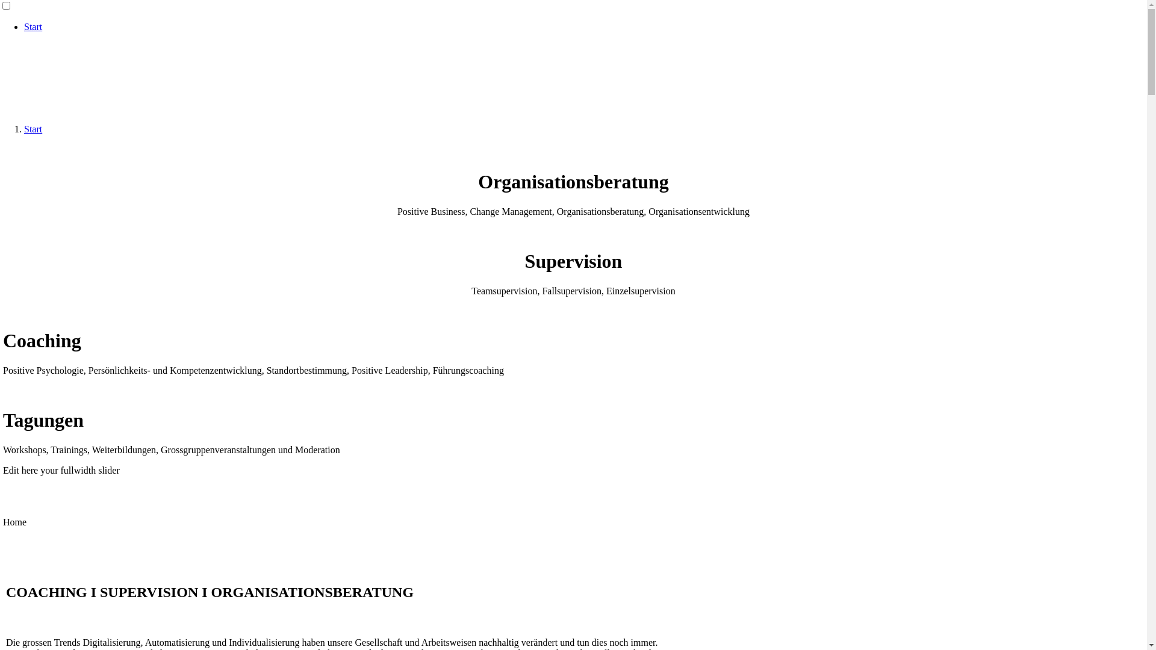 This screenshot has width=1156, height=650. What do you see at coordinates (33, 129) in the screenshot?
I see `'Start'` at bounding box center [33, 129].